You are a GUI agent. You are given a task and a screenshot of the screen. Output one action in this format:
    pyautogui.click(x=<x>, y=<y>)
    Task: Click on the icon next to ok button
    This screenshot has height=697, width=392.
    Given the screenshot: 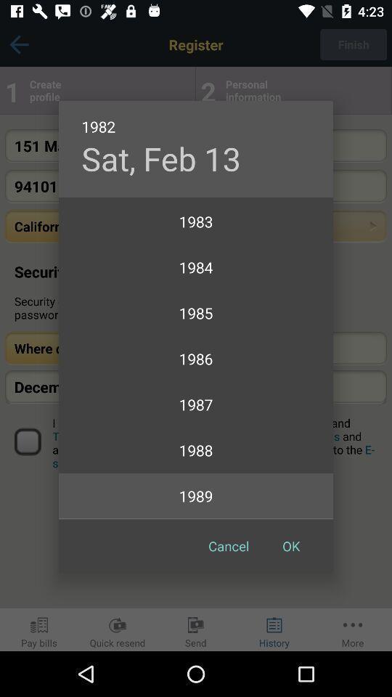 What is the action you would take?
    pyautogui.click(x=229, y=545)
    